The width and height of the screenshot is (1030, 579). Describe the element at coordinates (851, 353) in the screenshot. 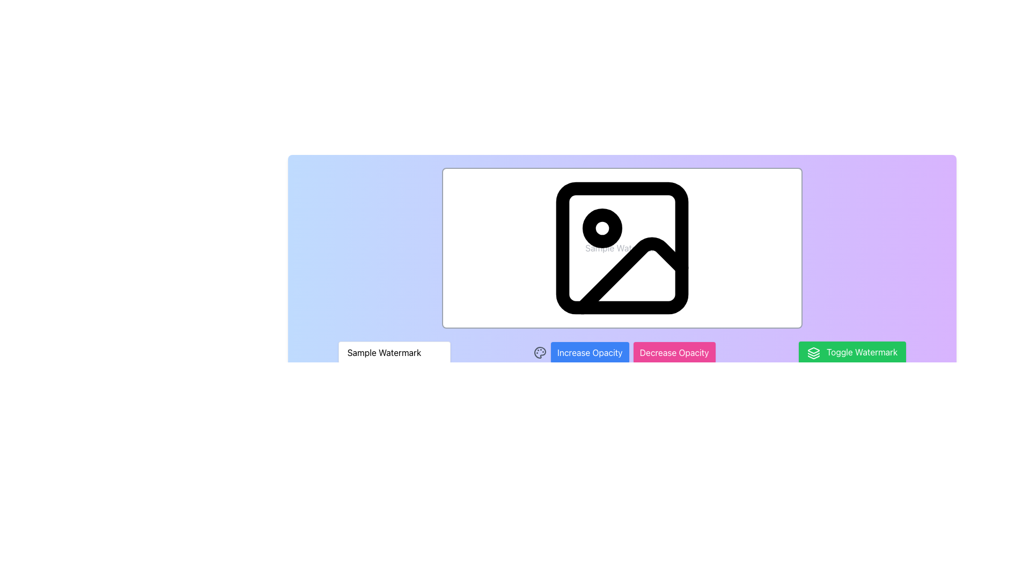

I see `the 'Toggle Watermark' button, which is a green rectangular button with rounded corners located at the bottom right of the row of buttons` at that location.